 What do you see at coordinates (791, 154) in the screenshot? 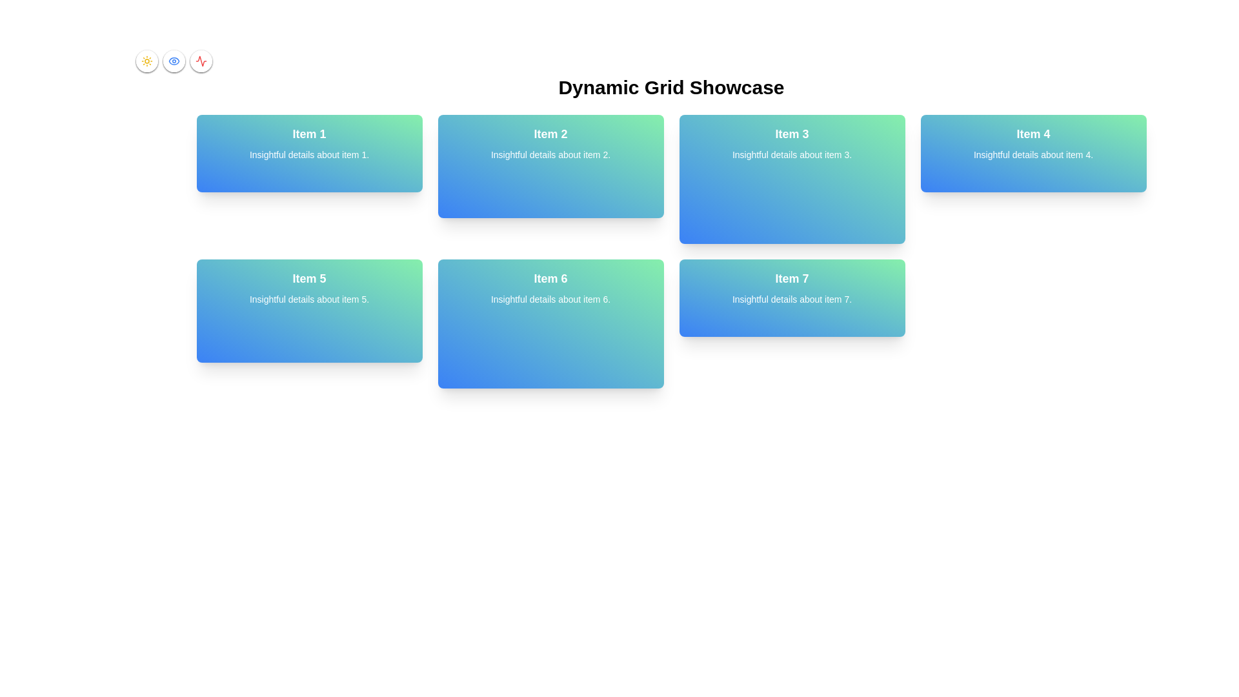
I see `the descriptive text line located below 'Item 3' in the third card of the grid layout` at bounding box center [791, 154].